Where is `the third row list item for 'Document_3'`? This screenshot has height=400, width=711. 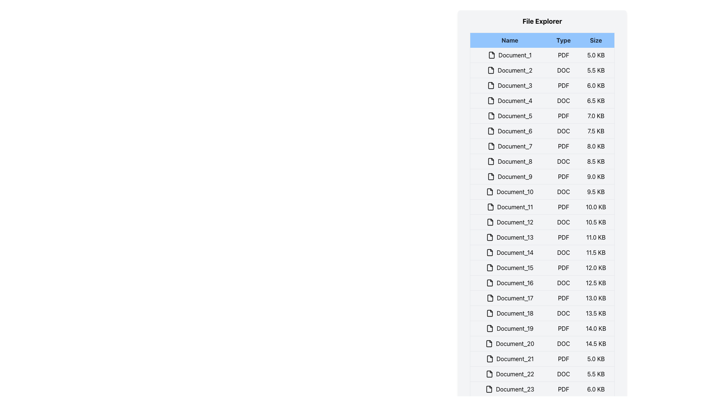
the third row list item for 'Document_3' is located at coordinates (542, 85).